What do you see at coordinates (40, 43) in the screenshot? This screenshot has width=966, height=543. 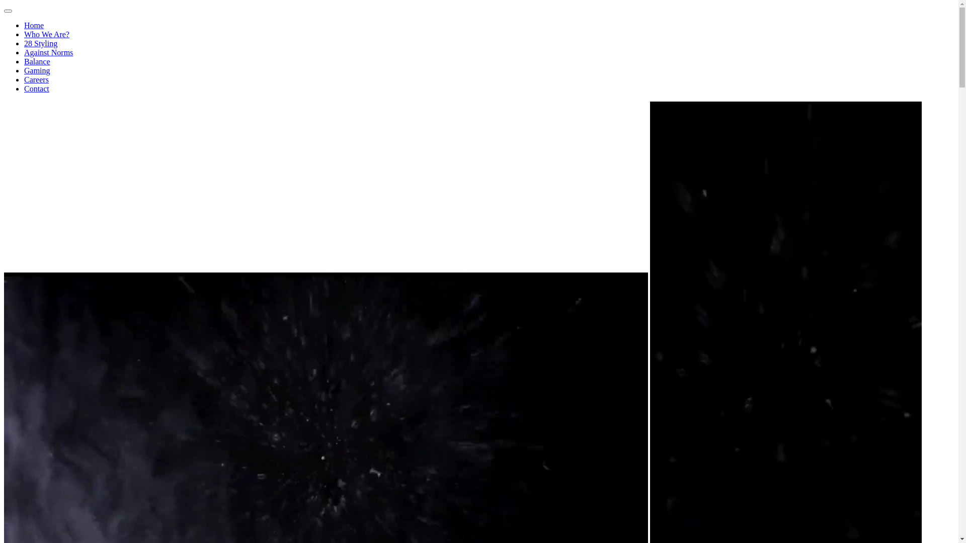 I see `'28 Styling'` at bounding box center [40, 43].